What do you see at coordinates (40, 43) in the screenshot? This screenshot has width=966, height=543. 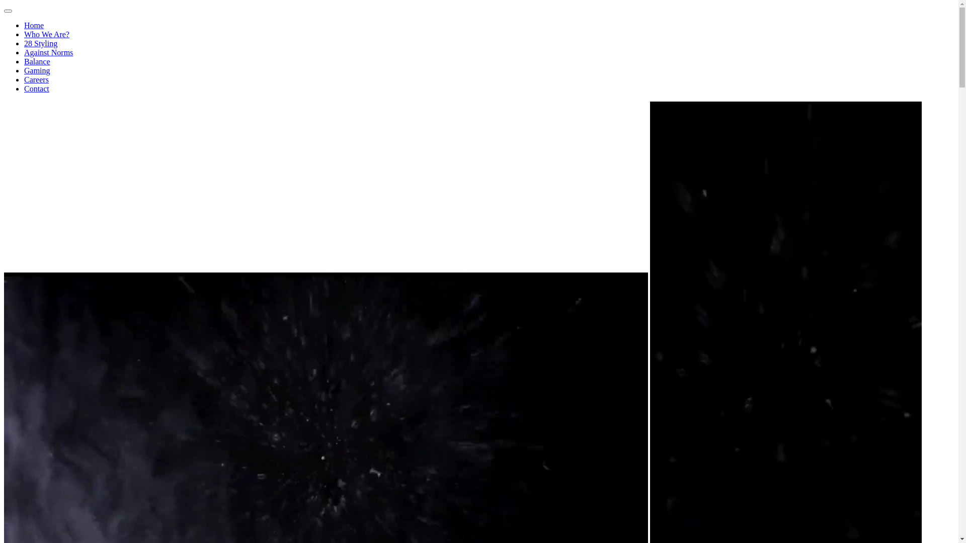 I see `'28 Styling'` at bounding box center [40, 43].